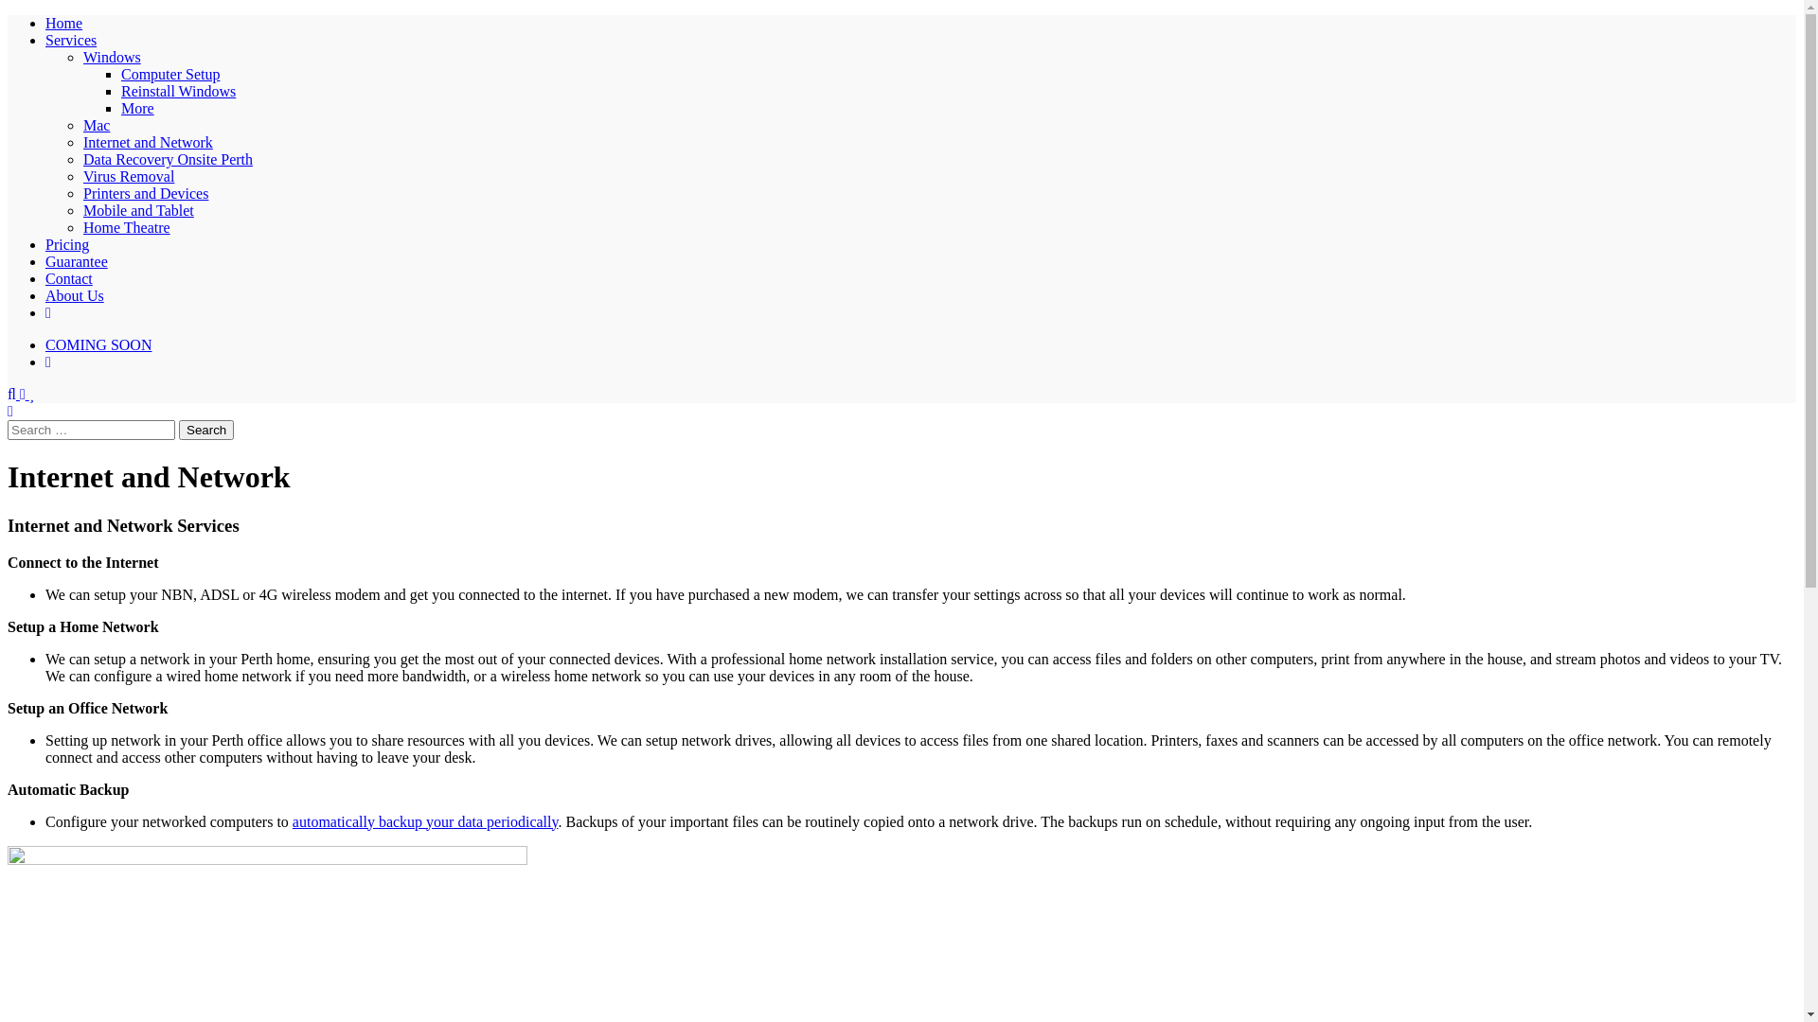 This screenshot has width=1818, height=1022. What do you see at coordinates (81, 125) in the screenshot?
I see `'Mac'` at bounding box center [81, 125].